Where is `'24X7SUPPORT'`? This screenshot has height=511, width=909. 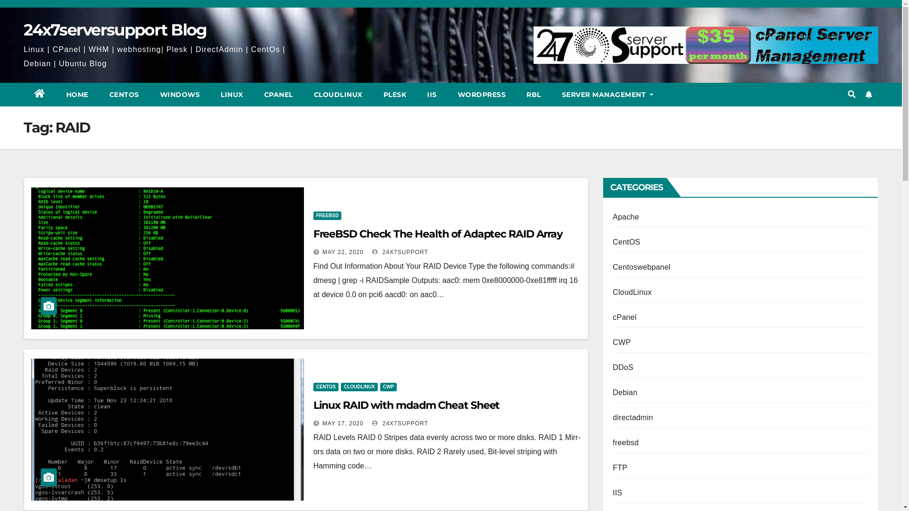
'24X7SUPPORT' is located at coordinates (372, 423).